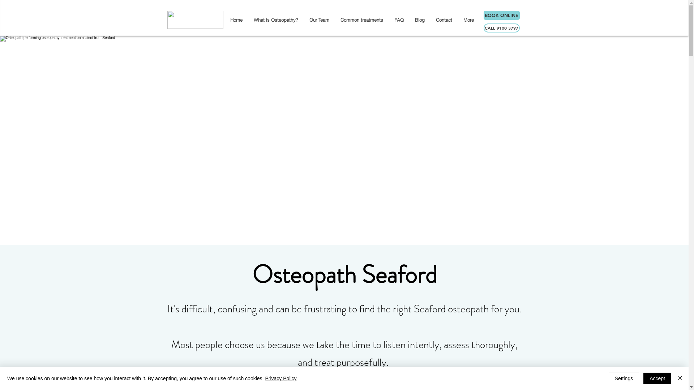 This screenshot has height=390, width=694. I want to click on 'BOOK ONLINE', so click(501, 15).